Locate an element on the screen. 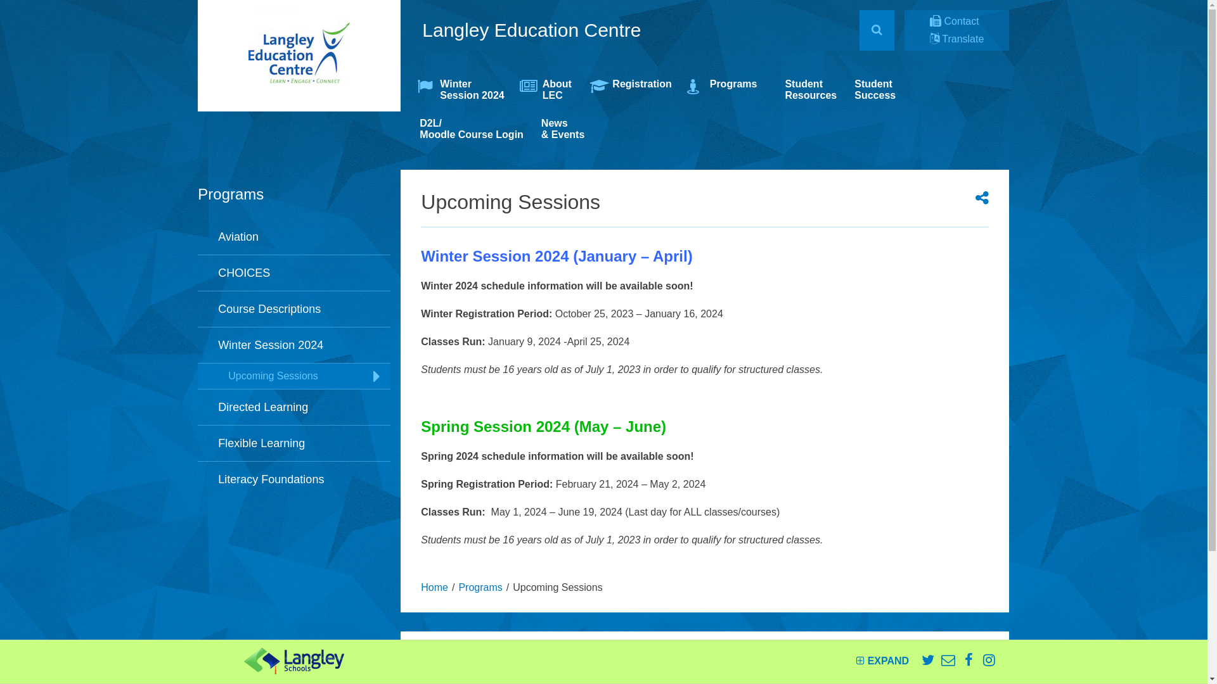 The image size is (1217, 684). 'About is located at coordinates (548, 89).